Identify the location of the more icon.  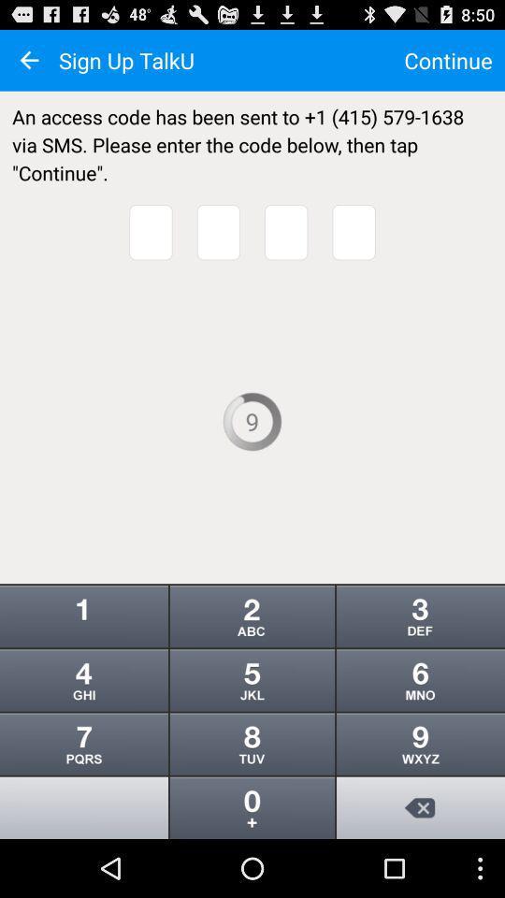
(252, 727).